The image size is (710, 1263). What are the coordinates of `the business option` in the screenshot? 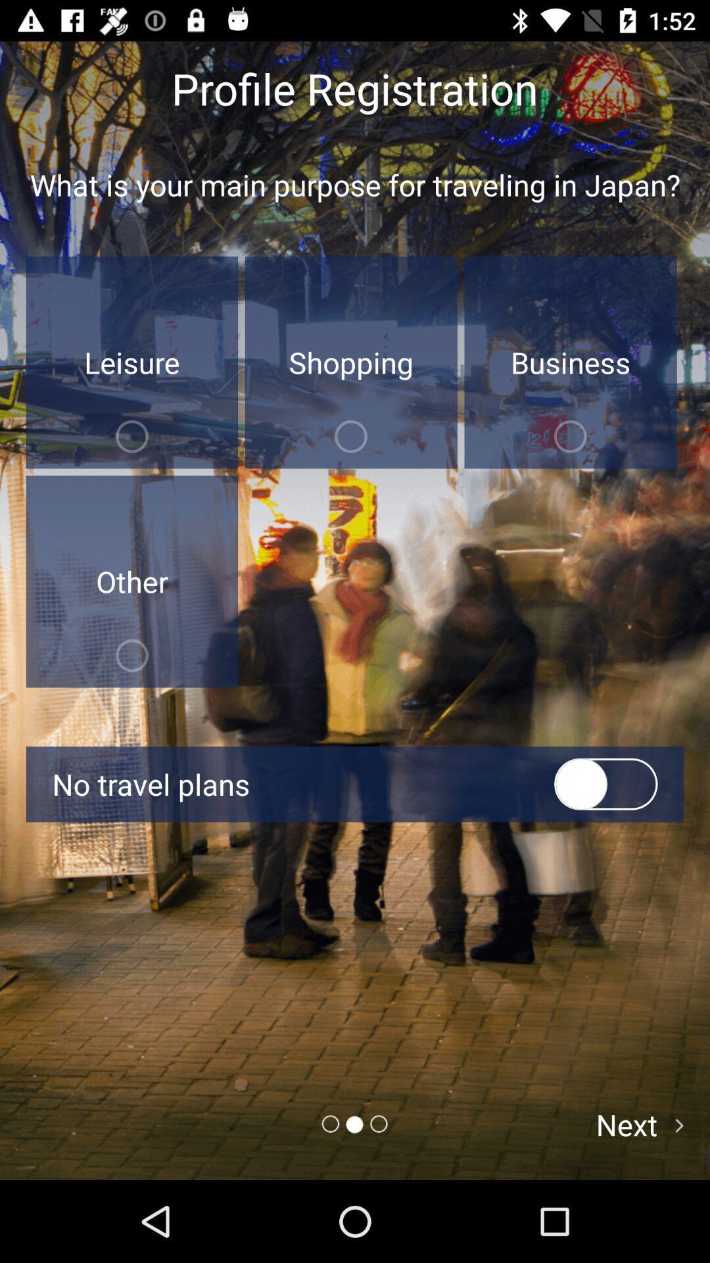 It's located at (570, 362).